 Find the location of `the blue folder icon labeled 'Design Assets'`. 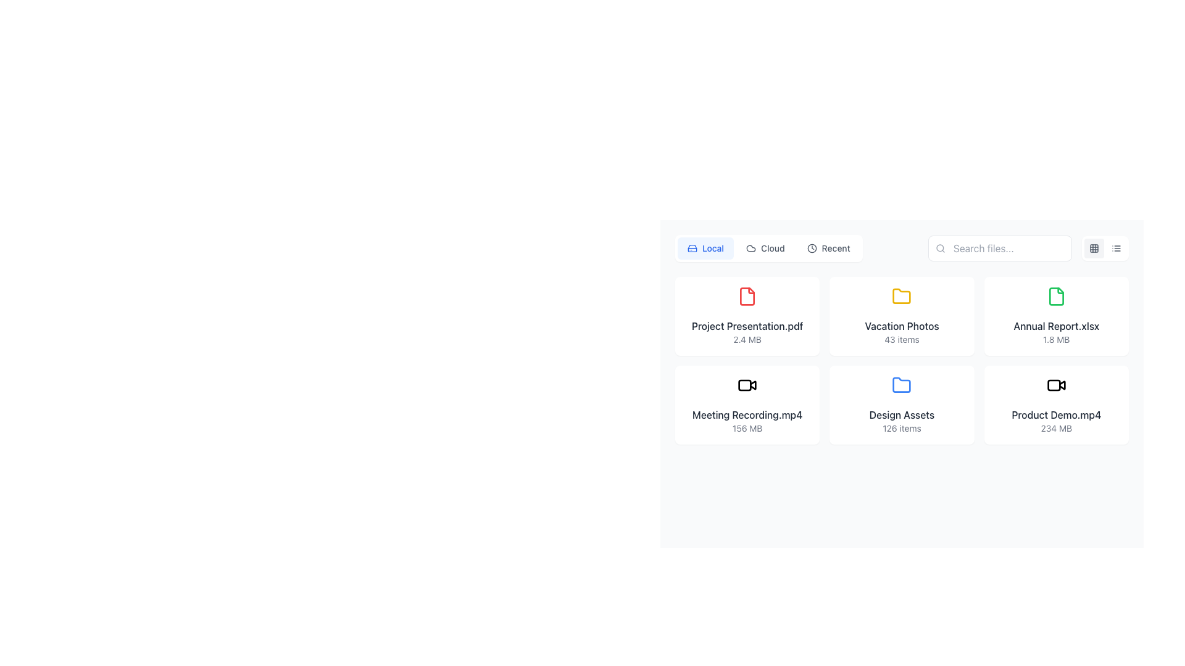

the blue folder icon labeled 'Design Assets' is located at coordinates (902, 405).